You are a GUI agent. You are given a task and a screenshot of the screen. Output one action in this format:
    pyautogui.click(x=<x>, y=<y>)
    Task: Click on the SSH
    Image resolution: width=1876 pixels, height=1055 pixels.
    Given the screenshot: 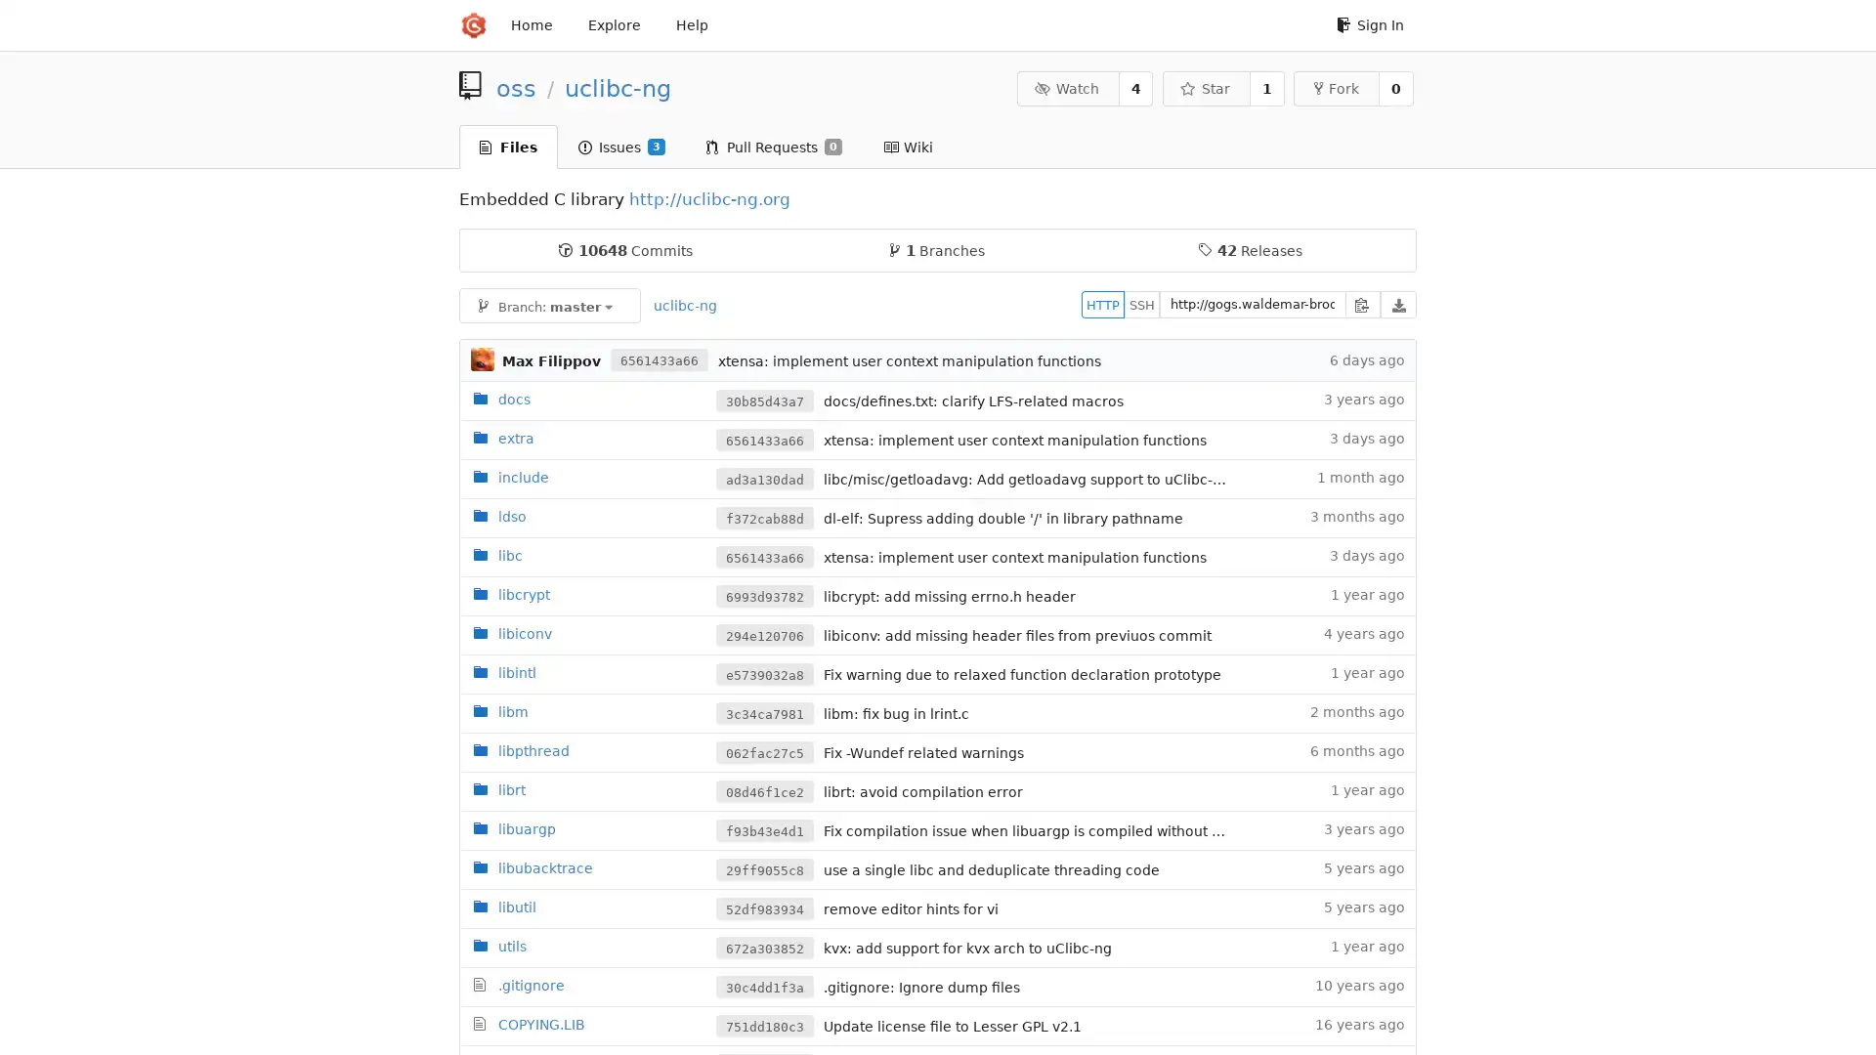 What is the action you would take?
    pyautogui.click(x=1142, y=304)
    